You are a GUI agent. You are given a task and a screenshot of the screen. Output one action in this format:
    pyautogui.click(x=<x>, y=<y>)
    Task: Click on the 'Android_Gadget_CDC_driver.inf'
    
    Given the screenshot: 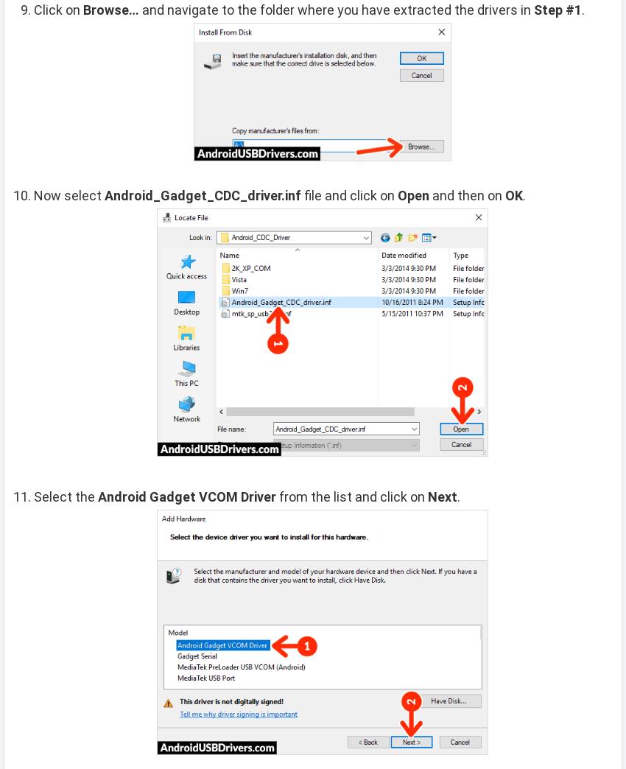 What is the action you would take?
    pyautogui.click(x=202, y=194)
    